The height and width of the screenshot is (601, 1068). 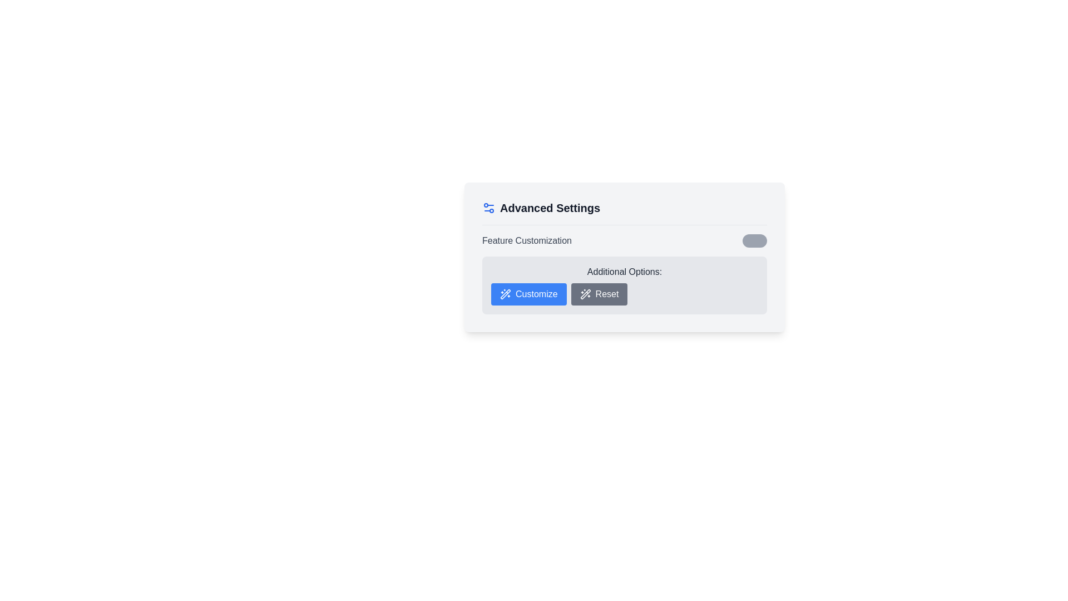 What do you see at coordinates (550, 208) in the screenshot?
I see `the 'Advanced Settings' text label, which is displayed in bold, large dark gray font and is located next to a settings gears icon` at bounding box center [550, 208].